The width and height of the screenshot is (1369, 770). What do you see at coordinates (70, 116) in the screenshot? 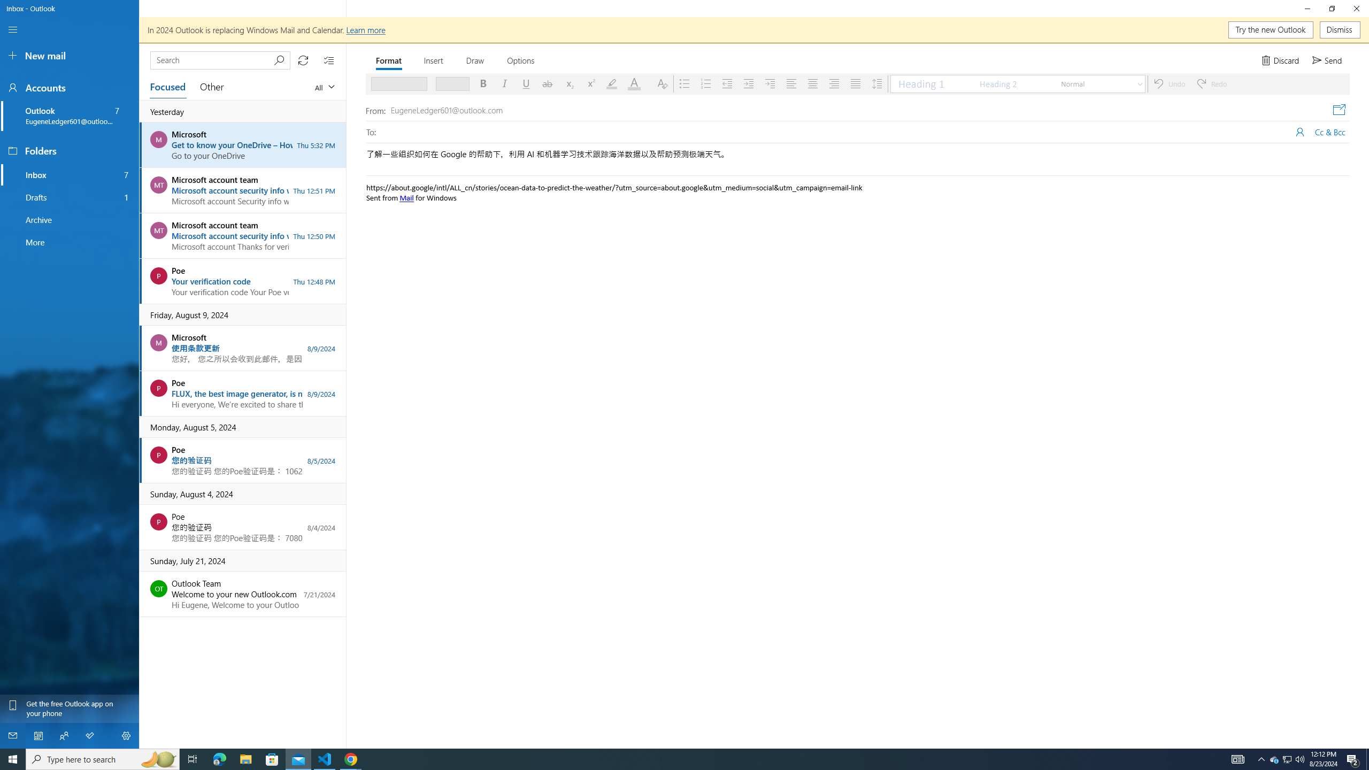
I see `'Outlook, EugeneLedger601@outlook.com, 7 unread'` at bounding box center [70, 116].